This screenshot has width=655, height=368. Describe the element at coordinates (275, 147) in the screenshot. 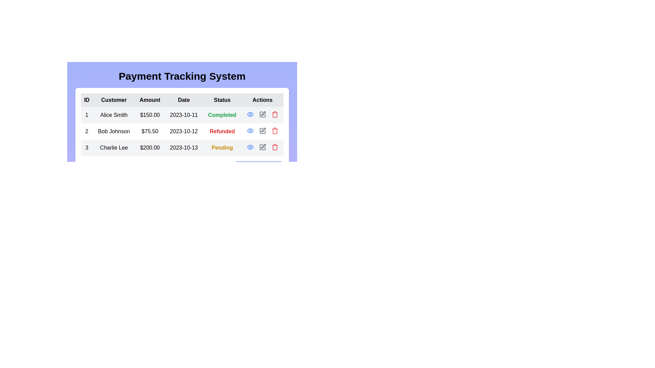

I see `the trash bin icon button in the 'Actions' column` at that location.